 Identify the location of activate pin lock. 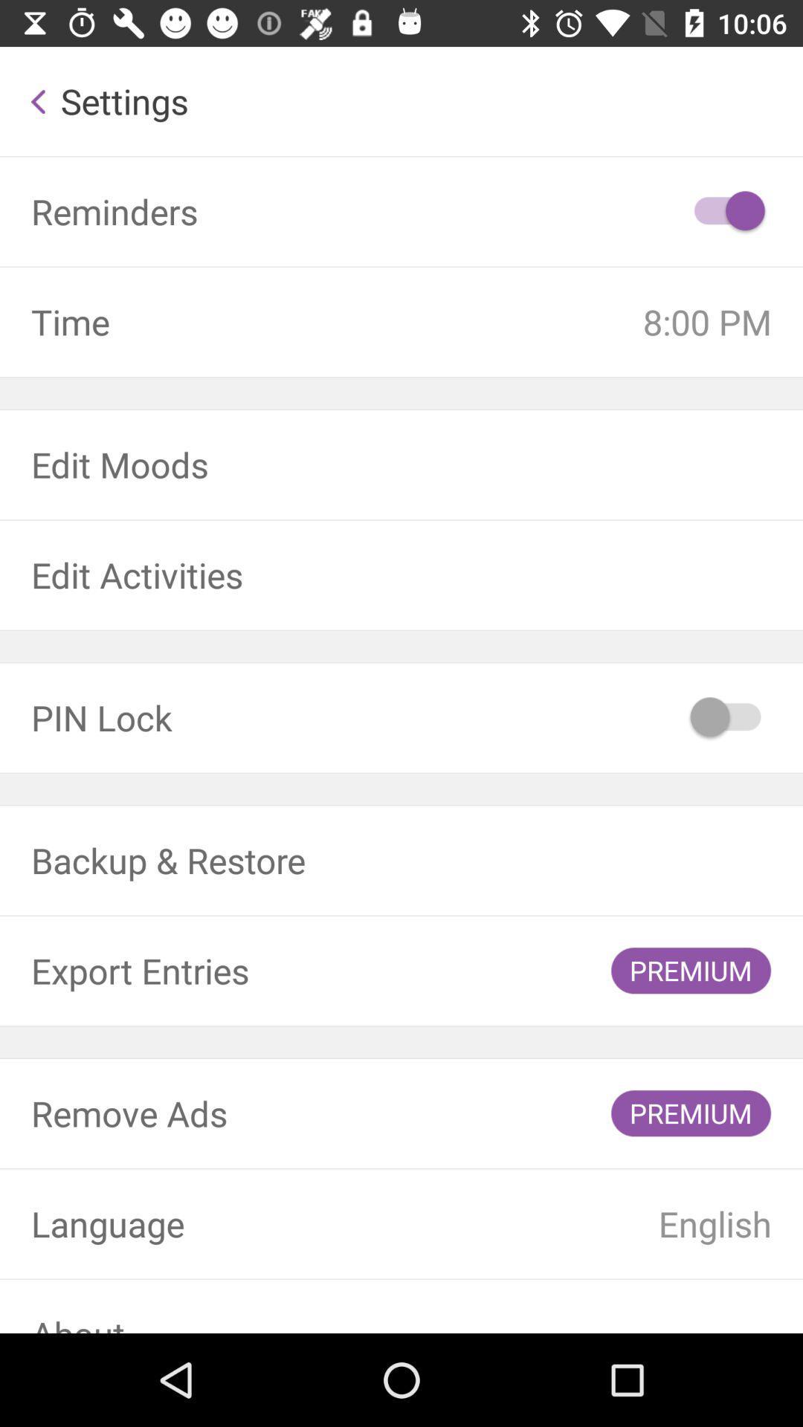
(726, 717).